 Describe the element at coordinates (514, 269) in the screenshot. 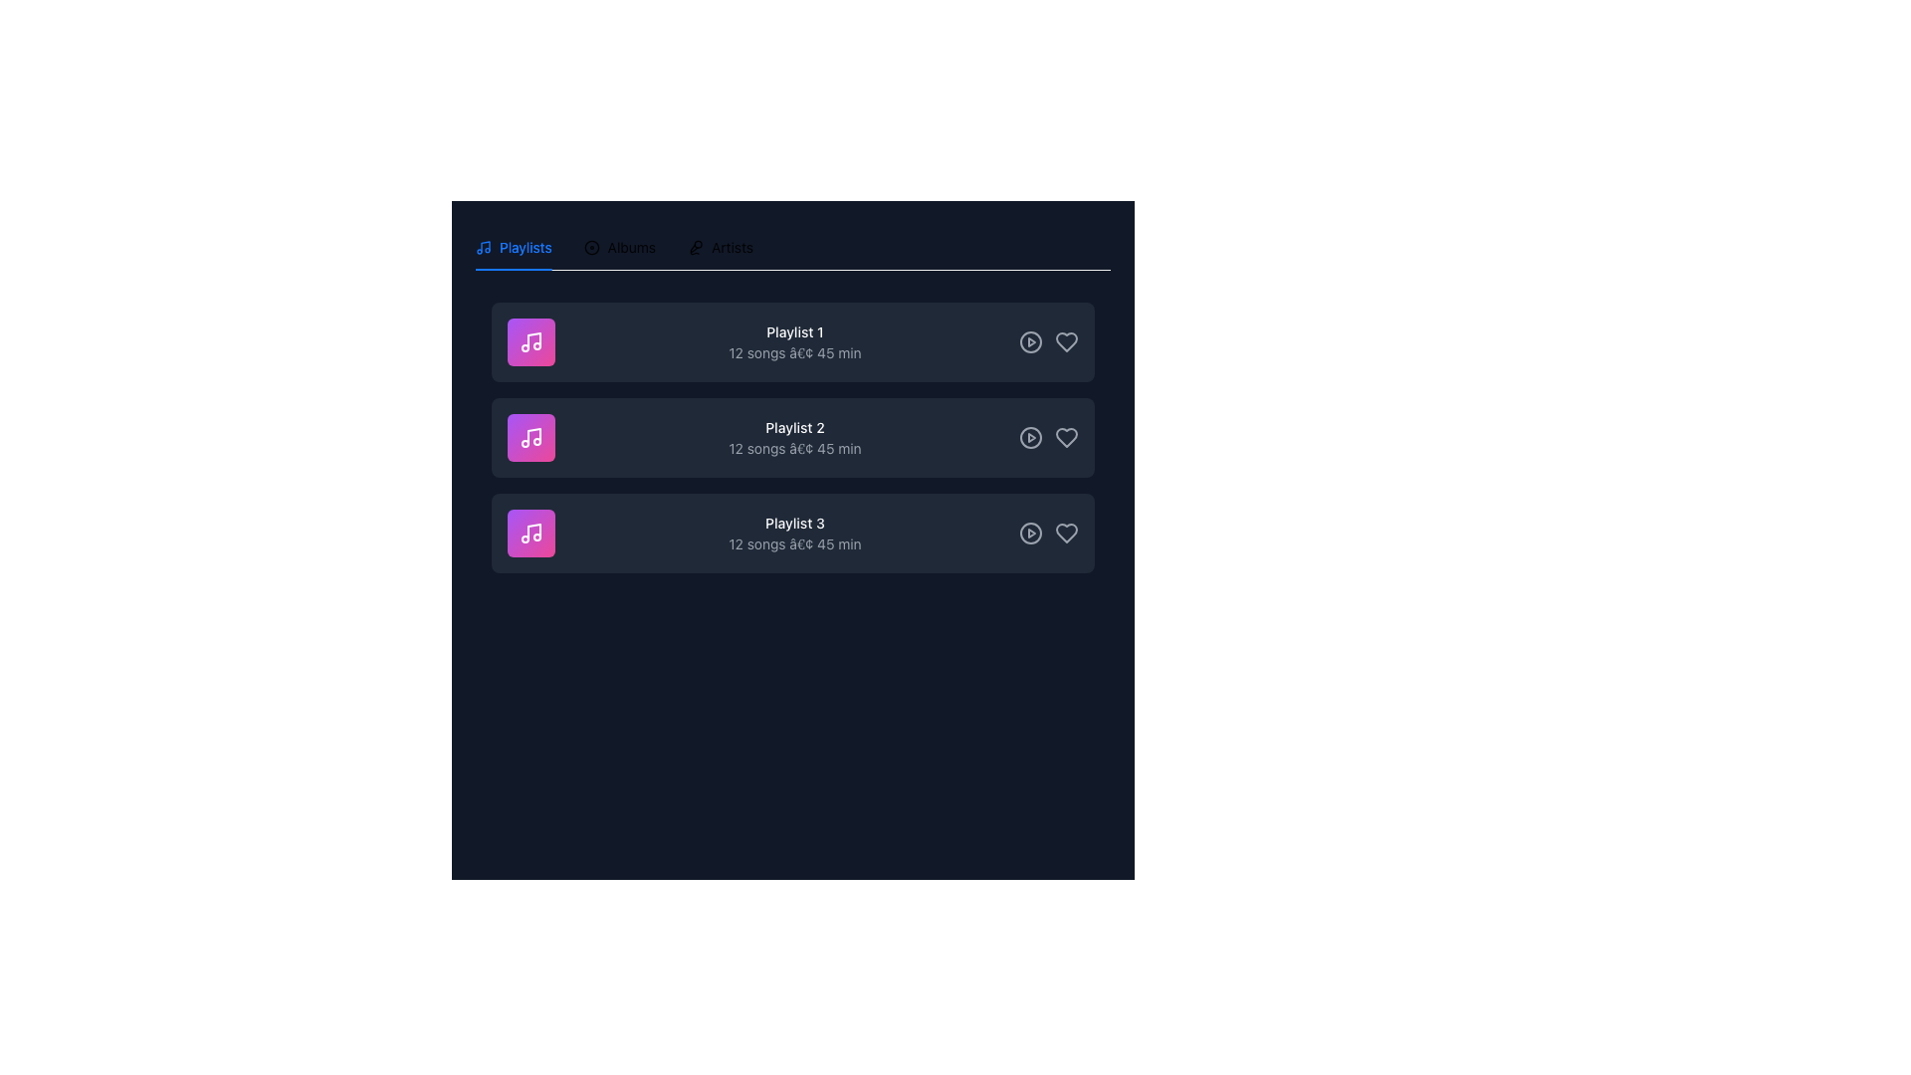

I see `the Active Tab Indicator element located beneath the 'Playlists' tab label in the tab component, which indicates the active tab` at that location.